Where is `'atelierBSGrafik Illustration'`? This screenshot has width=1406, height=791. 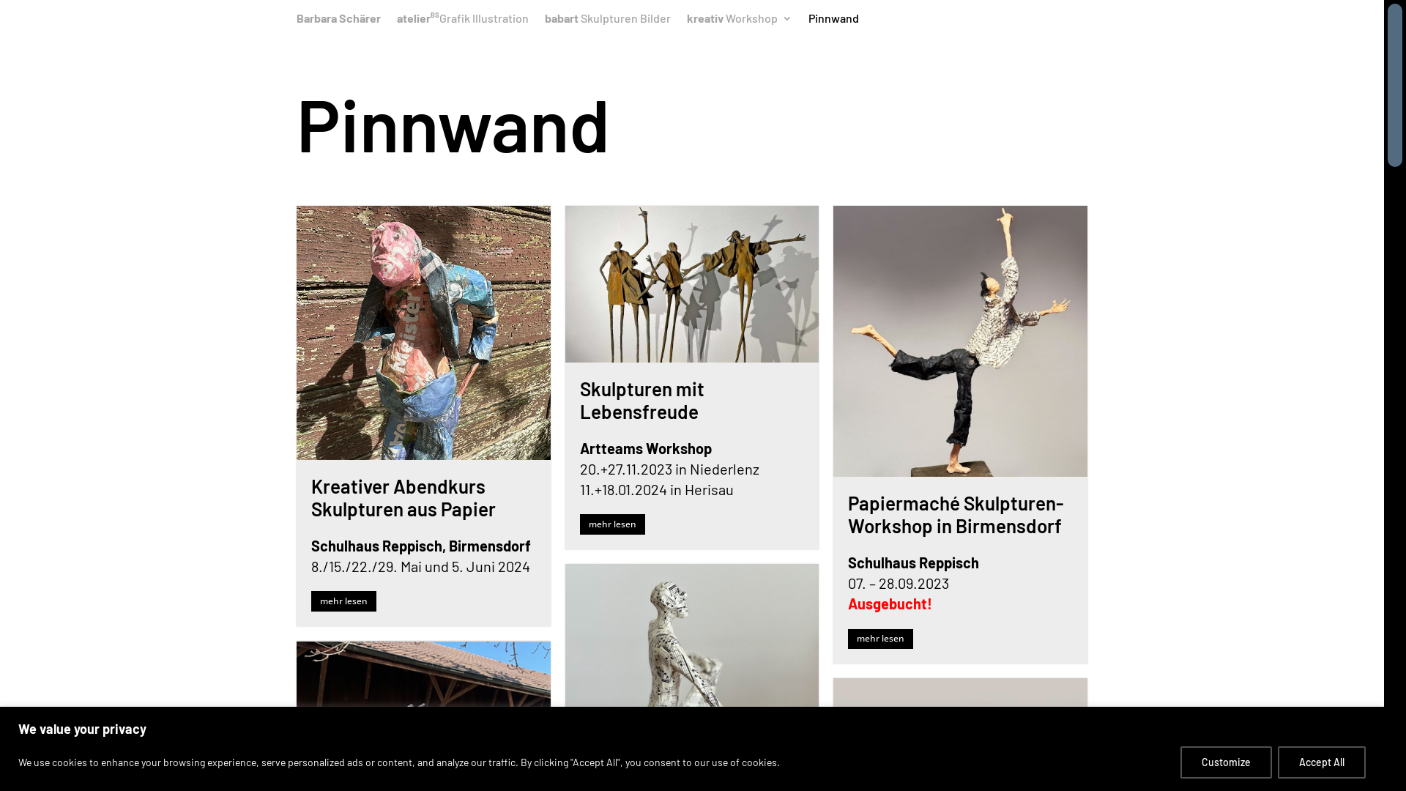
'atelierBSGrafik Illustration' is located at coordinates (462, 22).